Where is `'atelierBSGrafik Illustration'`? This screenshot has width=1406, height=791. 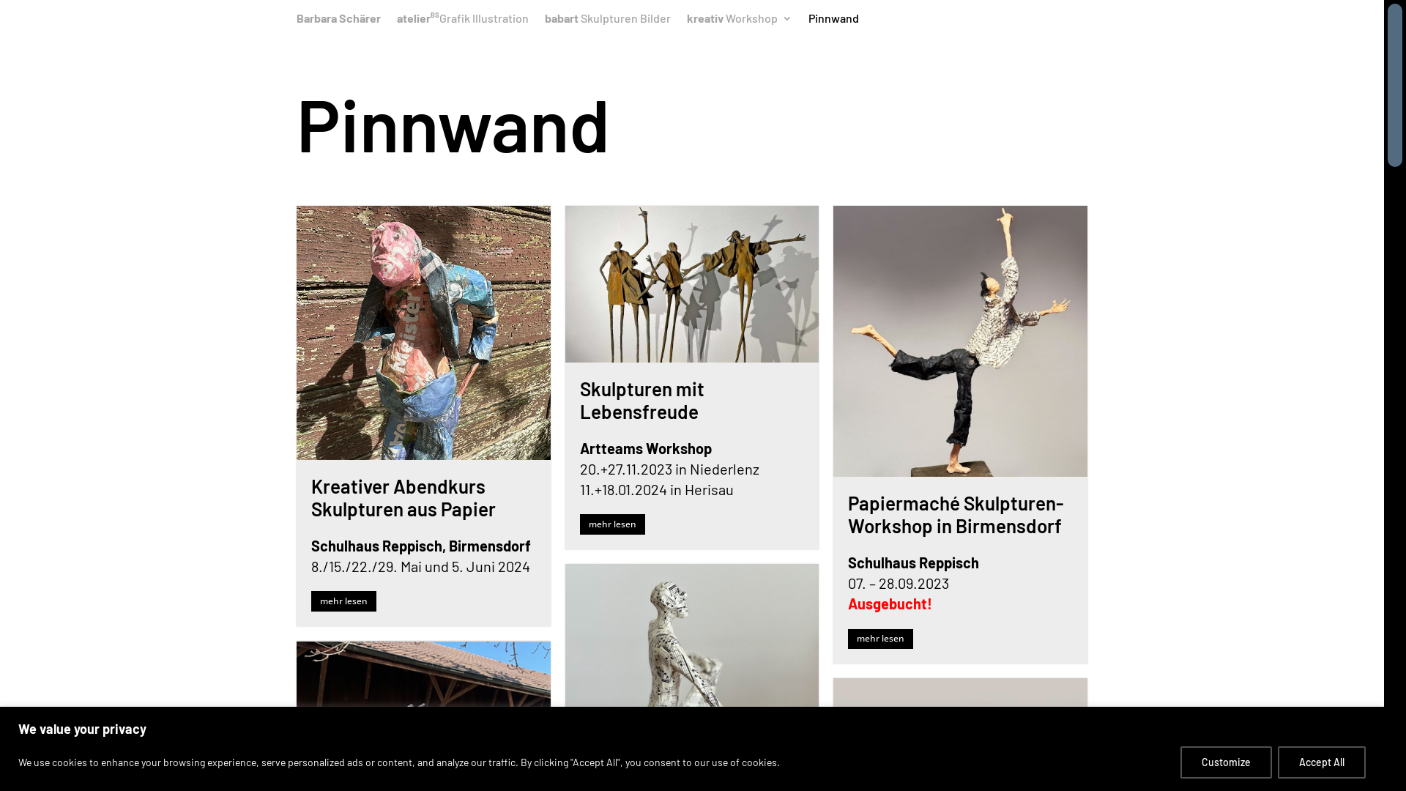
'atelierBSGrafik Illustration' is located at coordinates (462, 22).